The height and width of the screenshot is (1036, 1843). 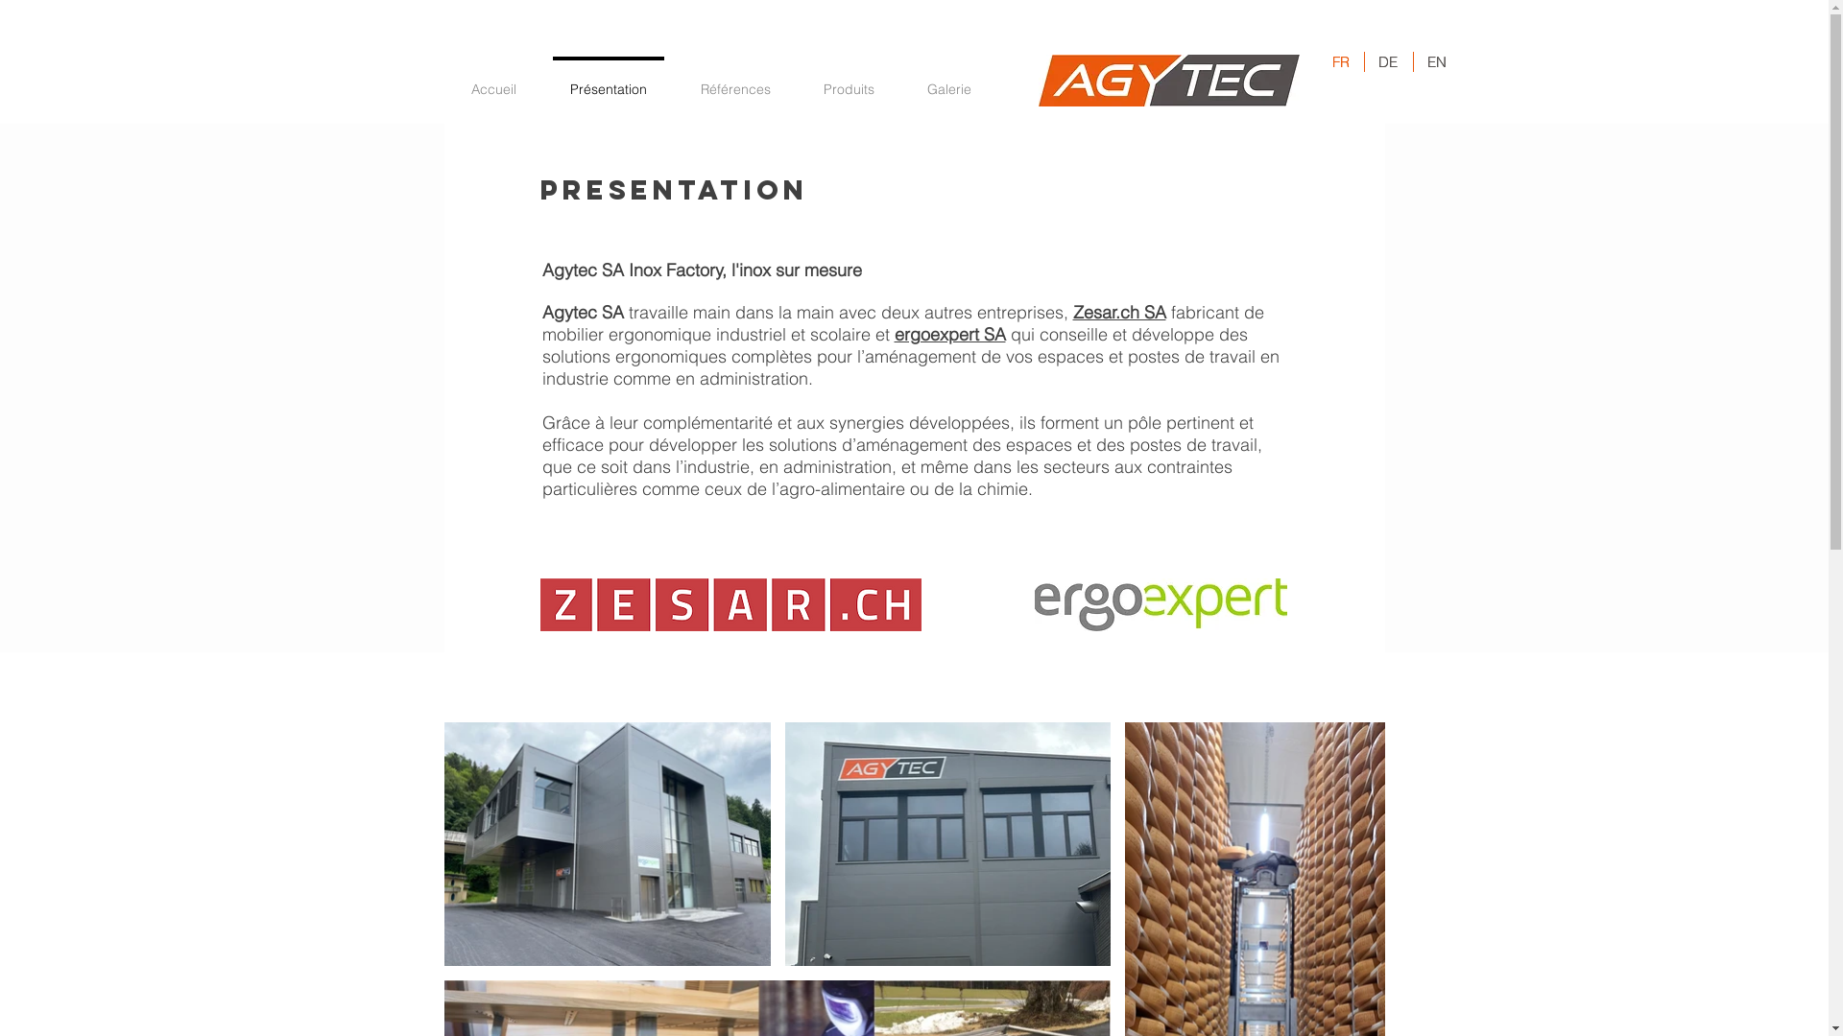 I want to click on 'Galerie', so click(x=948, y=80).